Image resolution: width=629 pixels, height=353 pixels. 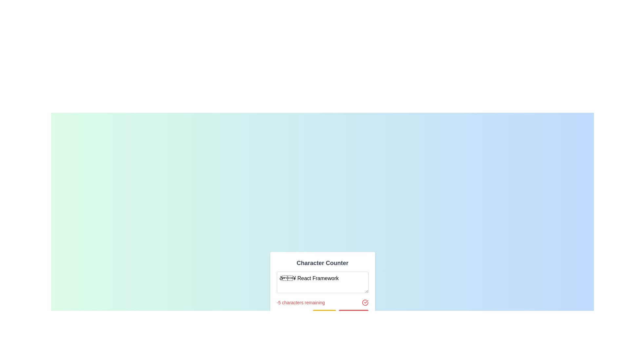 I want to click on the Text Display that indicates an overflow of 5 characters beyond the permitted limit in the text field, located at the bottom left of the interactive form, so click(x=300, y=302).